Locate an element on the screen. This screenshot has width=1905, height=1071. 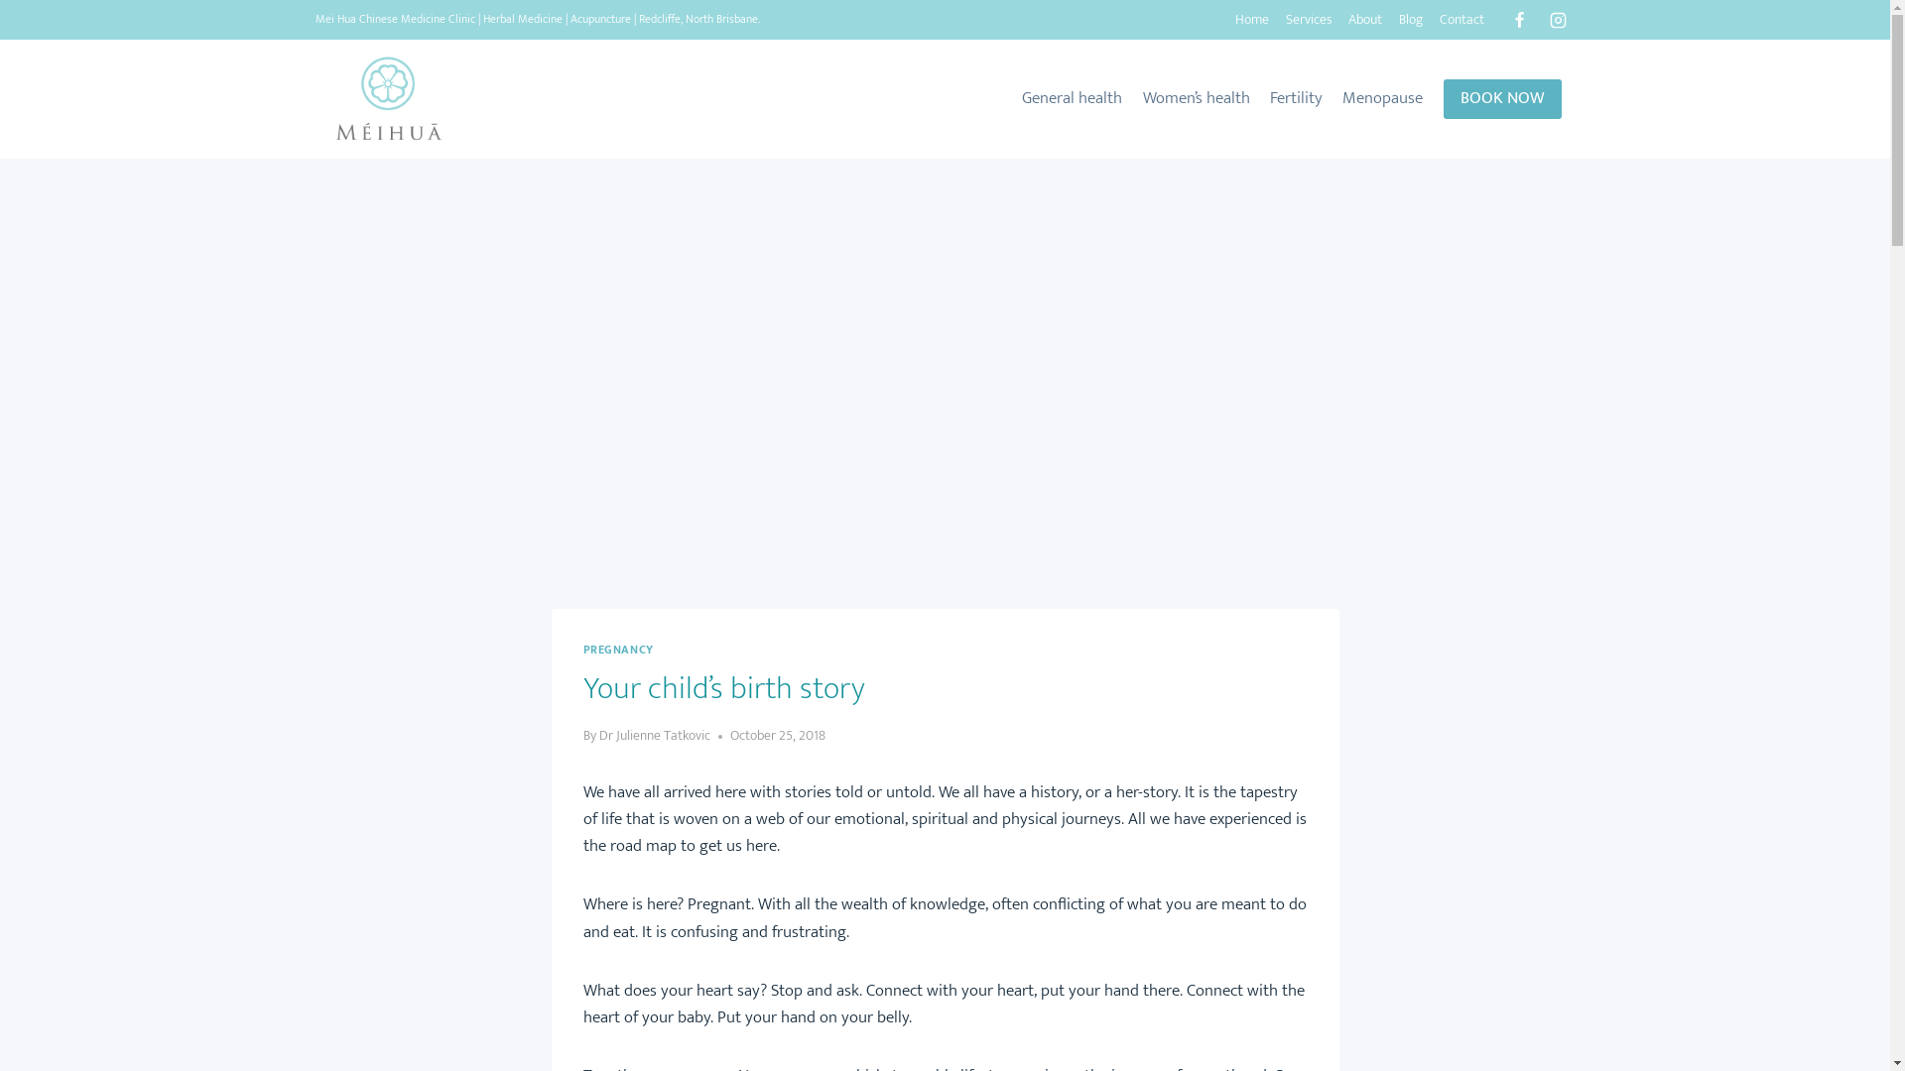
'Dr Julienne Tatkovic' is located at coordinates (655, 735).